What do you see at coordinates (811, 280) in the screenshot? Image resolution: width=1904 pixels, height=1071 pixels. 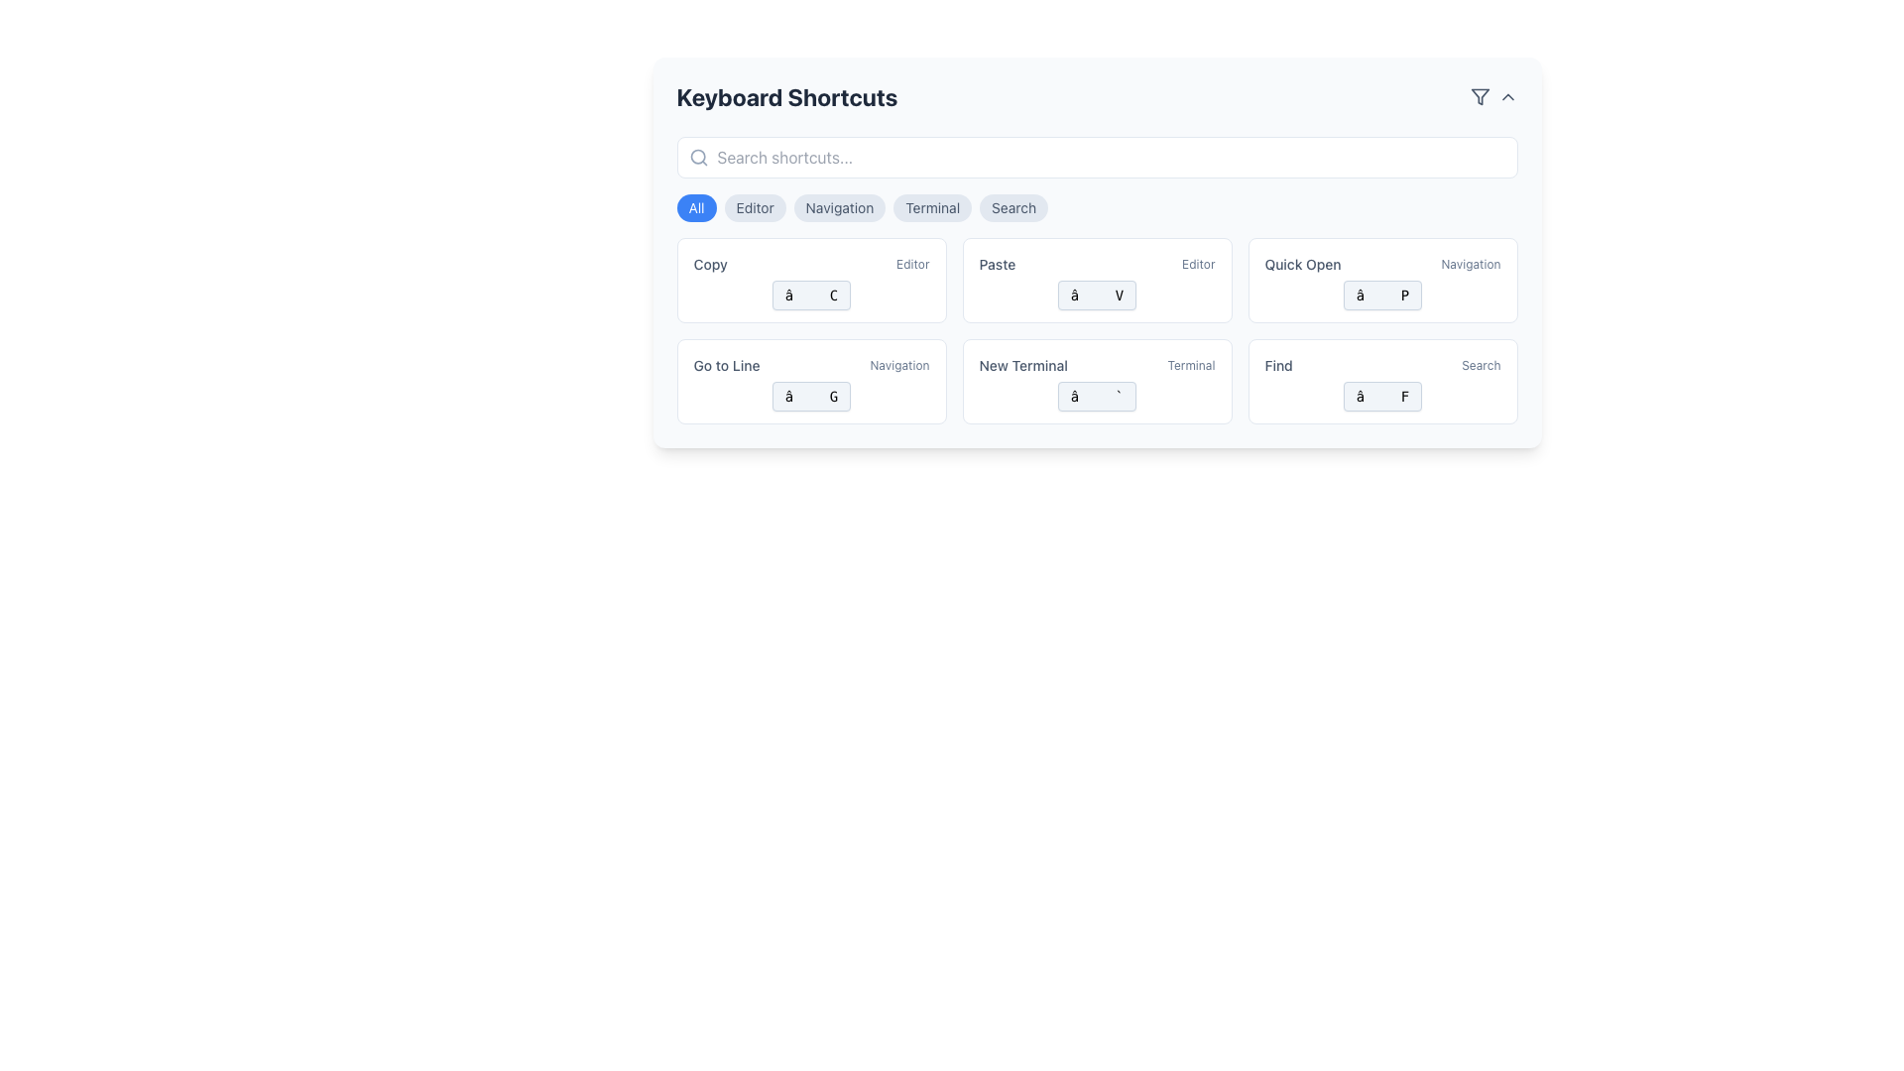 I see `the rectangular button labeled '⌘ C' with a white background and light-gray border, located in the top-left area of the grid` at bounding box center [811, 280].